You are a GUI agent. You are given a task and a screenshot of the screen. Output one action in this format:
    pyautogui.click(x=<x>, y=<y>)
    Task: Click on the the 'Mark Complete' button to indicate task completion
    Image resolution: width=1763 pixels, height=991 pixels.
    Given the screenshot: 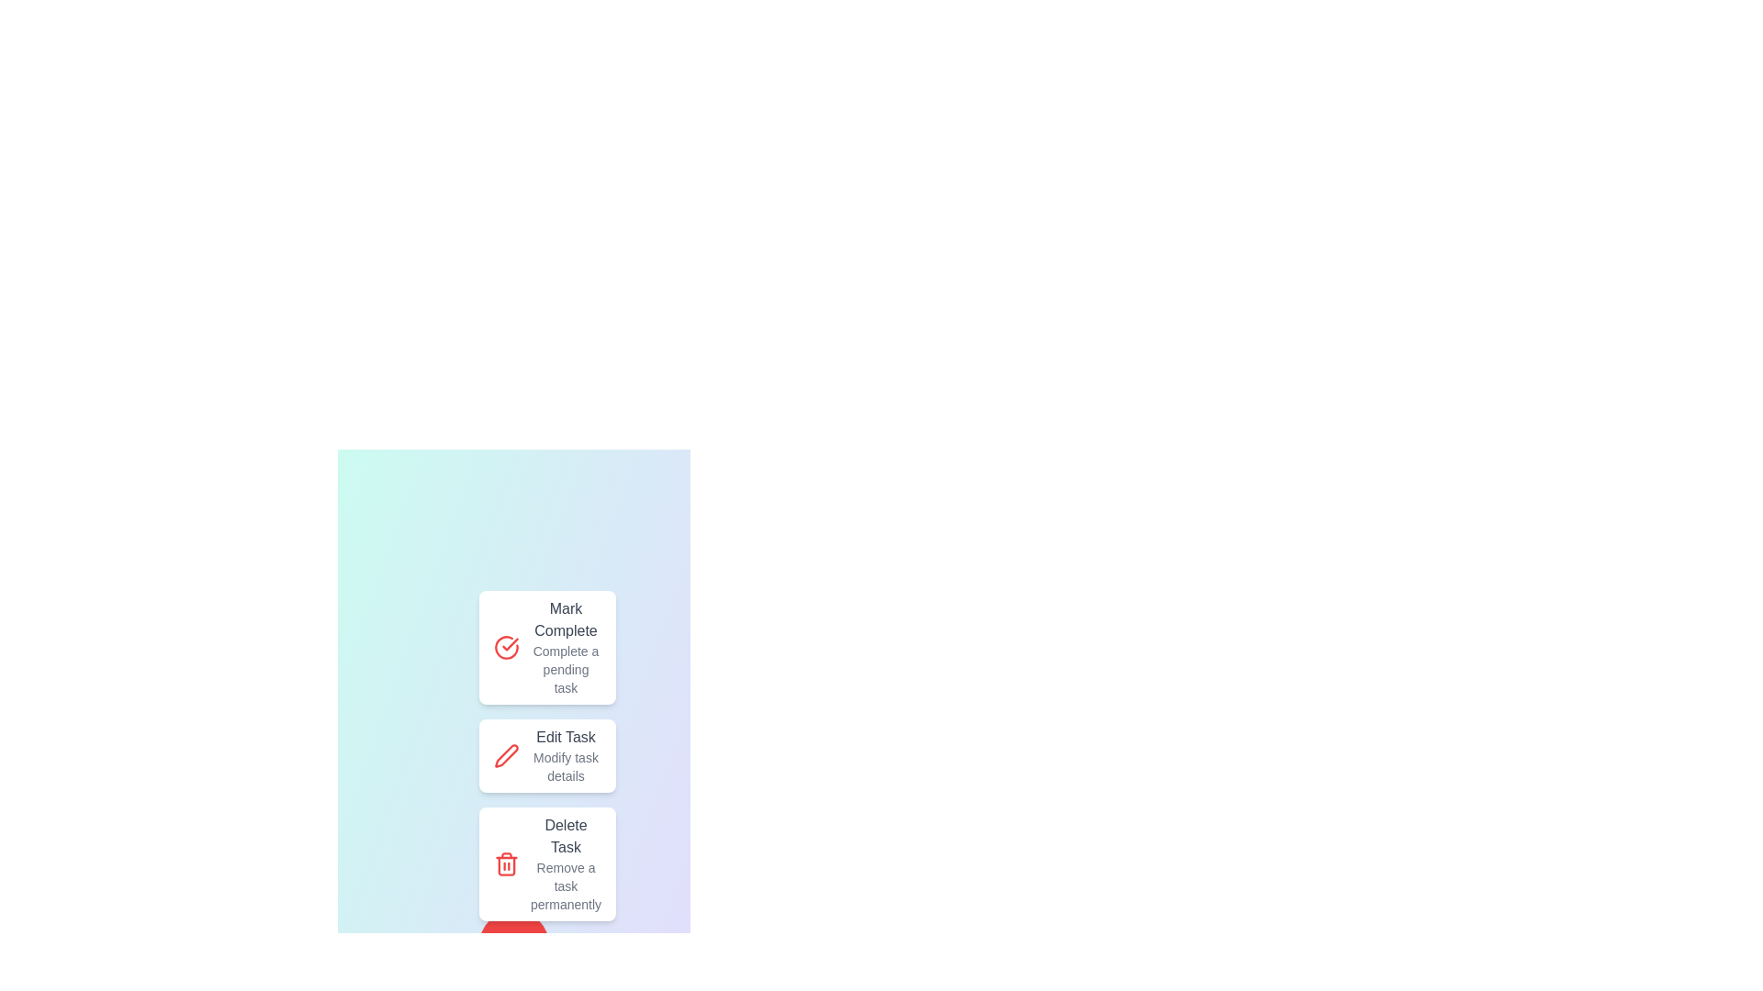 What is the action you would take?
    pyautogui.click(x=545, y=646)
    